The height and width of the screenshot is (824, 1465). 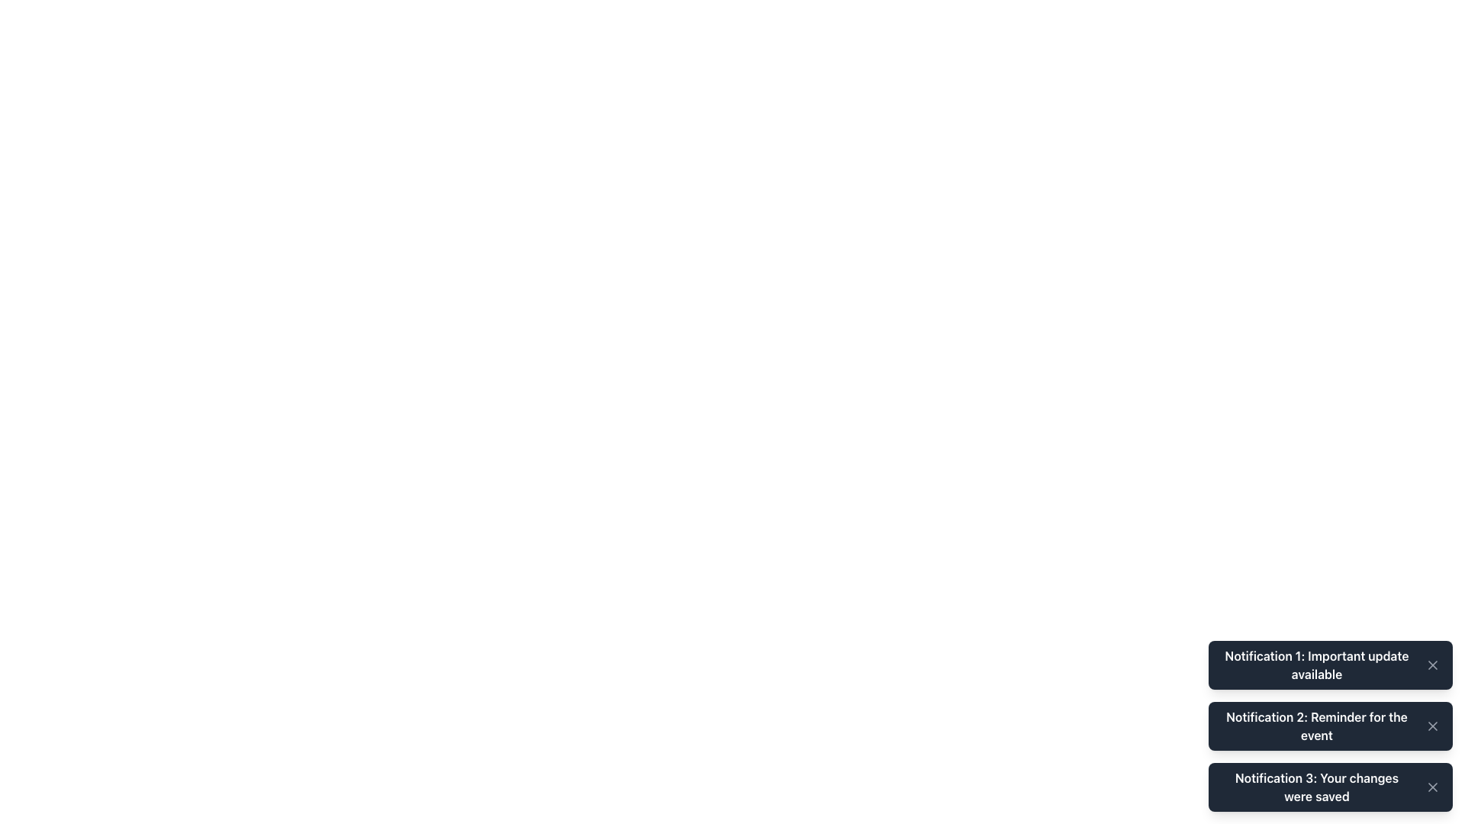 I want to click on the top notification text label that informs the user about the availability of an update within the dark-themed notification card, so click(x=1316, y=664).